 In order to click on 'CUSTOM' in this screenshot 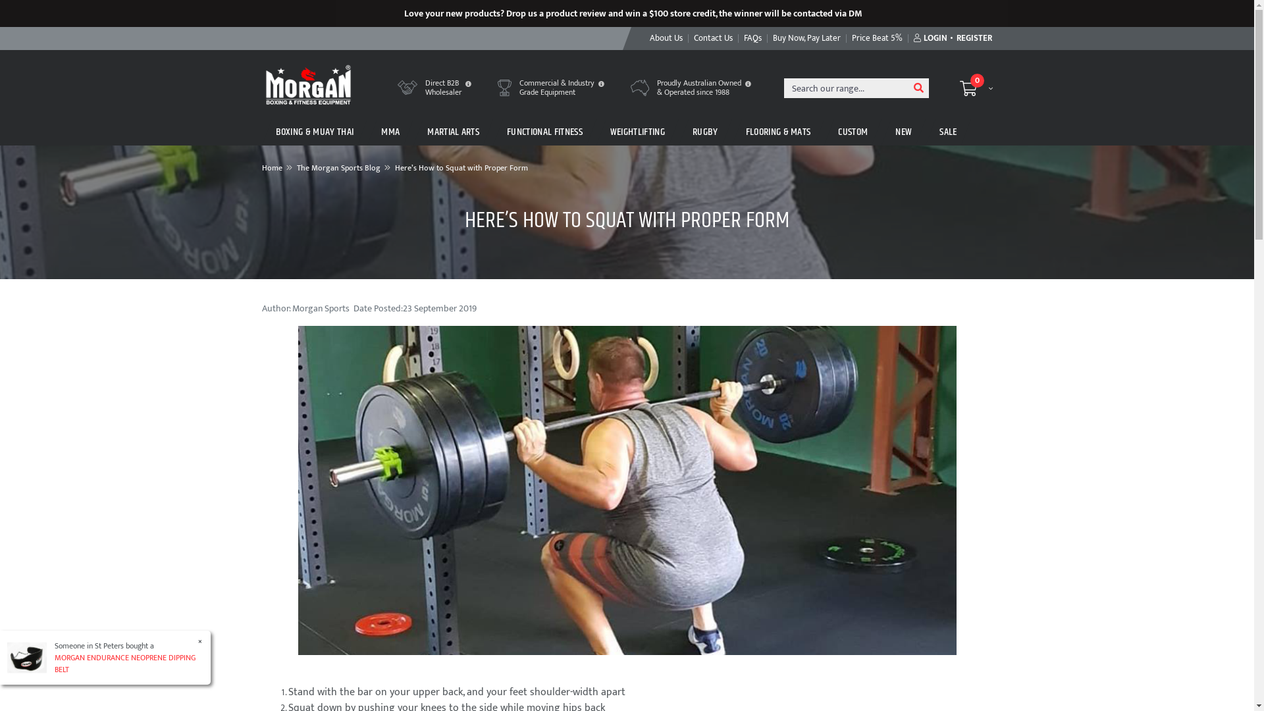, I will do `click(824, 132)`.